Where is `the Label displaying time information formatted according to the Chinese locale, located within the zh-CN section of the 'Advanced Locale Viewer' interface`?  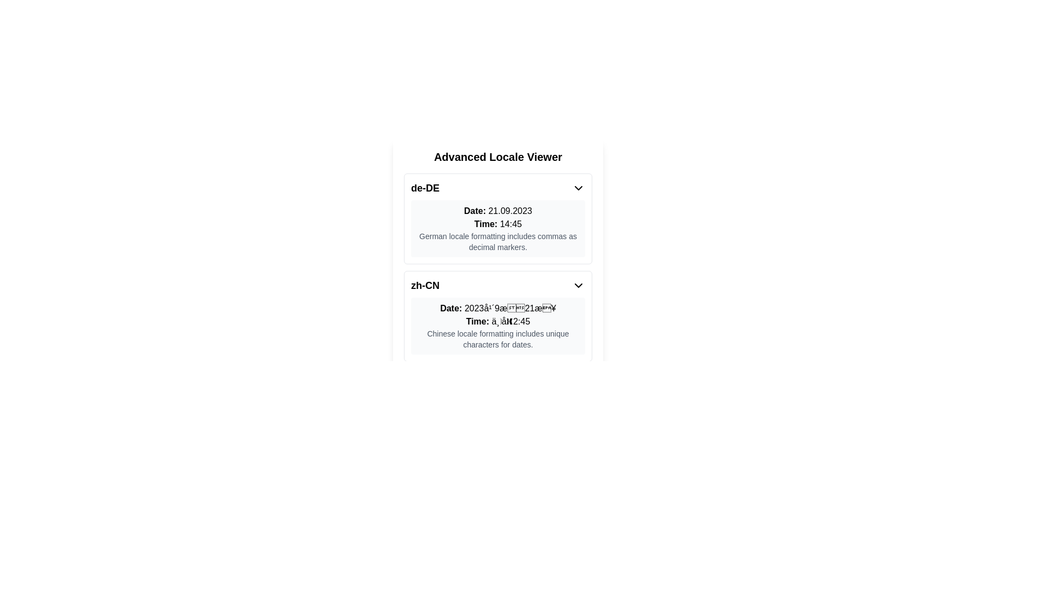 the Label displaying time information formatted according to the Chinese locale, located within the zh-CN section of the 'Advanced Locale Viewer' interface is located at coordinates (498, 321).